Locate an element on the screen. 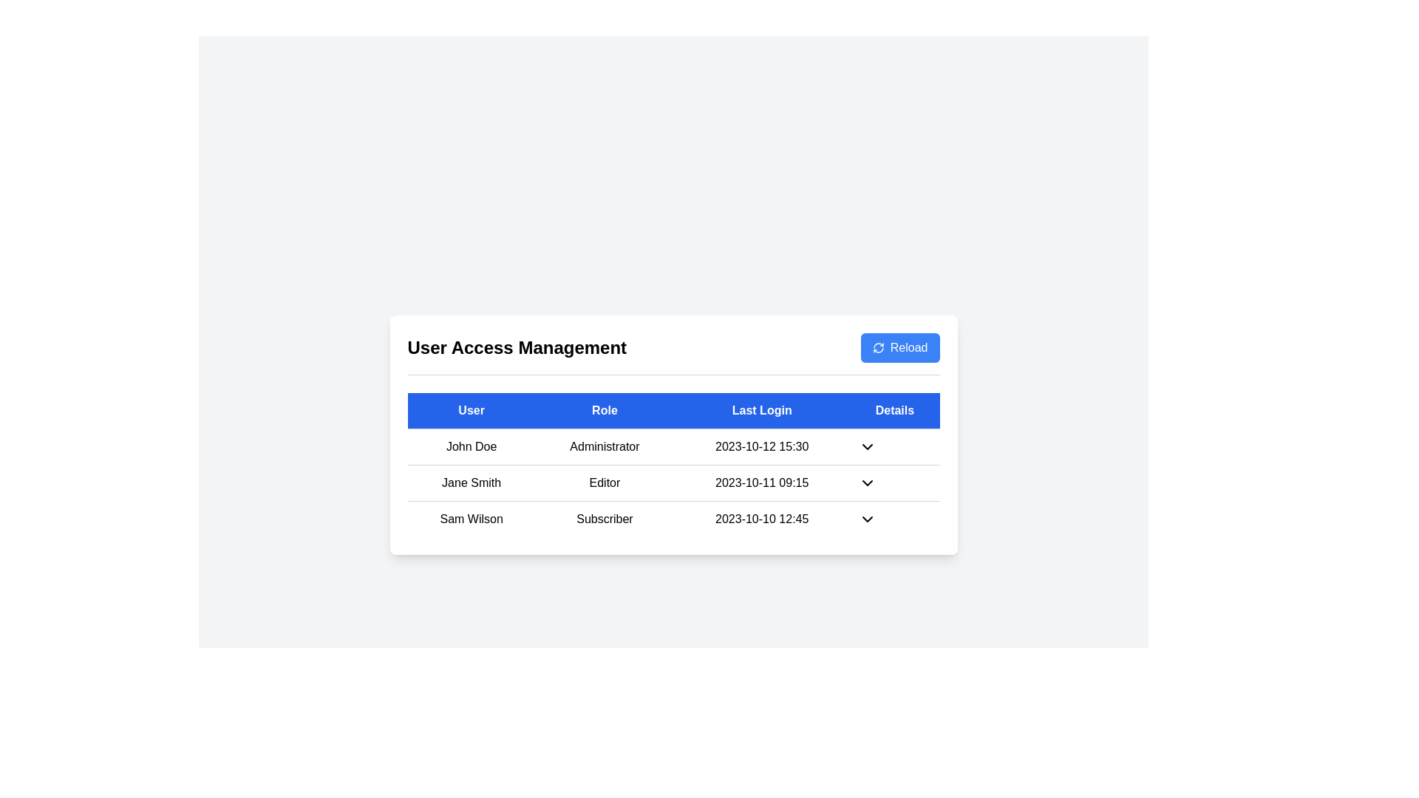 The width and height of the screenshot is (1419, 798). the 'Subscriber' label in the user access management table for user 'Sam Wilson', which is located in the third row under the 'Role' column is located at coordinates (605, 518).